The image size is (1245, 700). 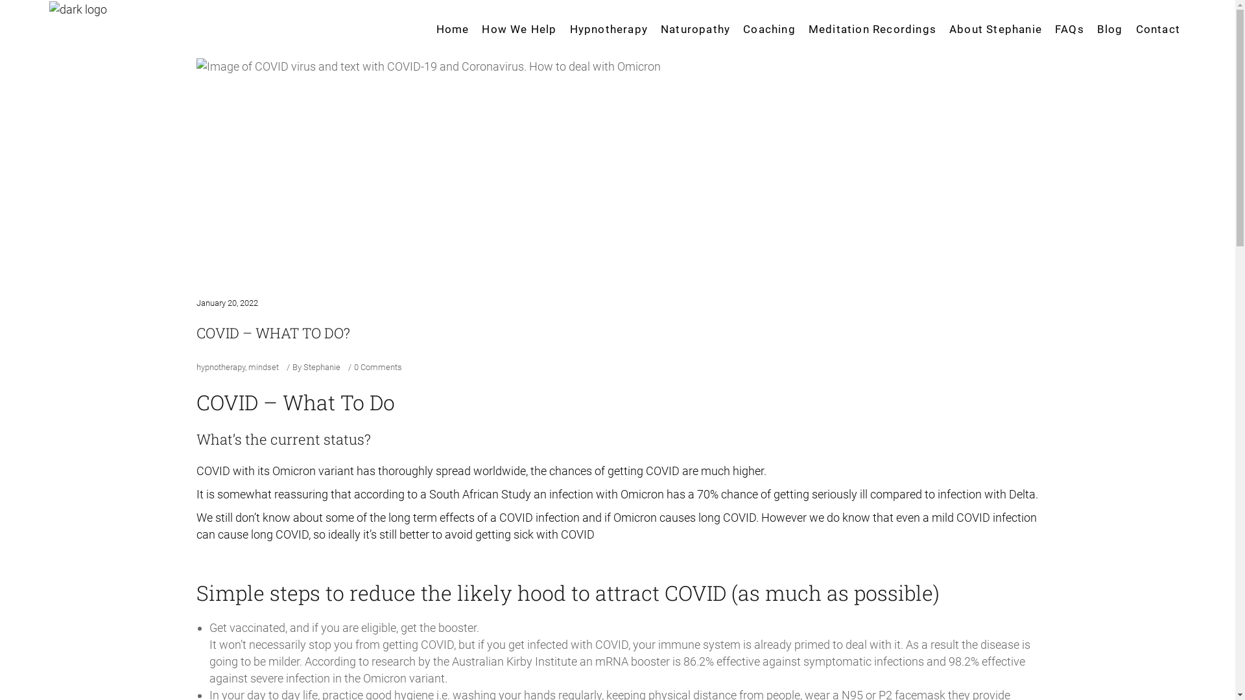 I want to click on '0 Comments', so click(x=354, y=367).